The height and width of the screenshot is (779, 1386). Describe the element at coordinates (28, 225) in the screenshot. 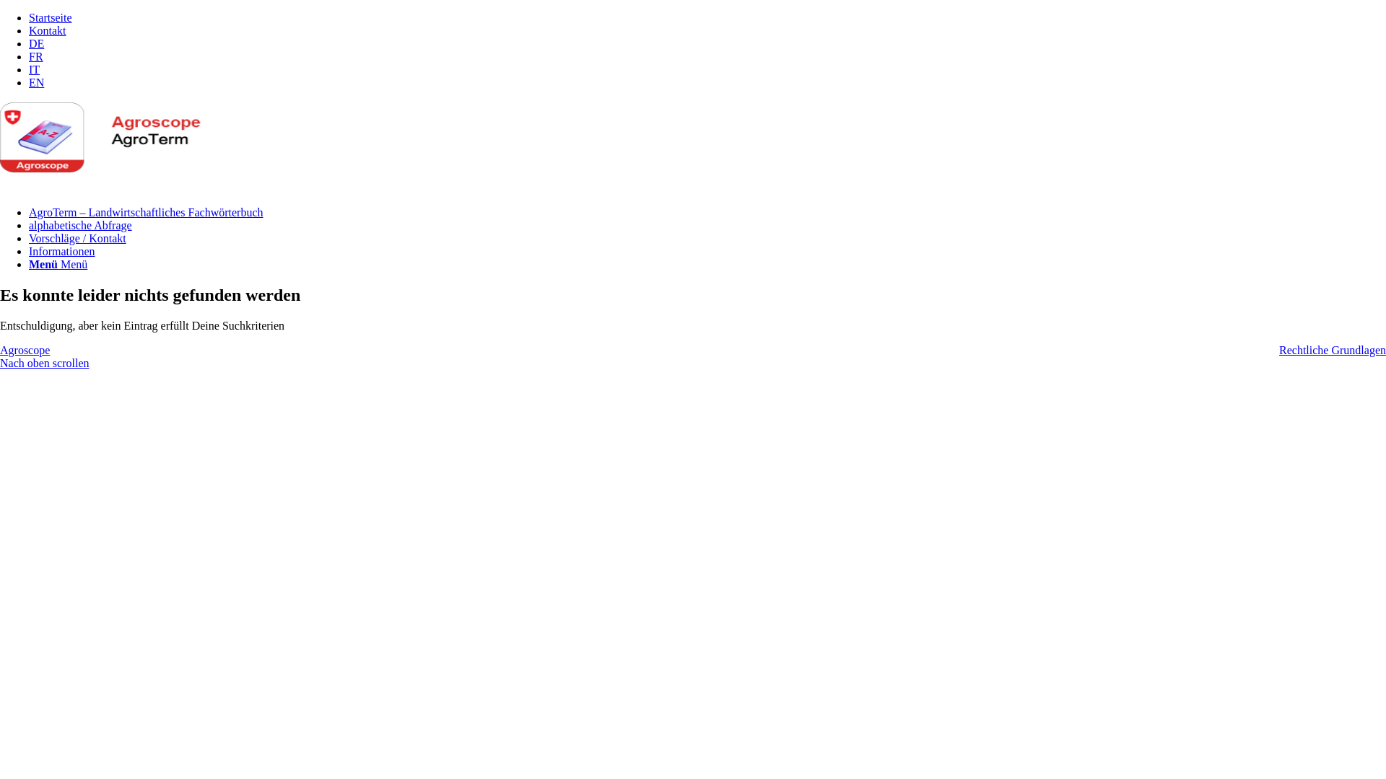

I see `'alphabetische Abfrage'` at that location.